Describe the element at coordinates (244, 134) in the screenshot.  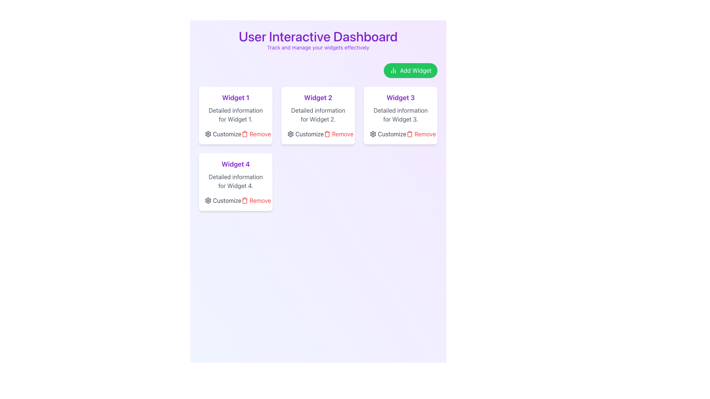
I see `the delete icon located next to the 'Customize' option within the 'Remove' label for 'Widget 1' in the upper-left card of the dashboard` at that location.